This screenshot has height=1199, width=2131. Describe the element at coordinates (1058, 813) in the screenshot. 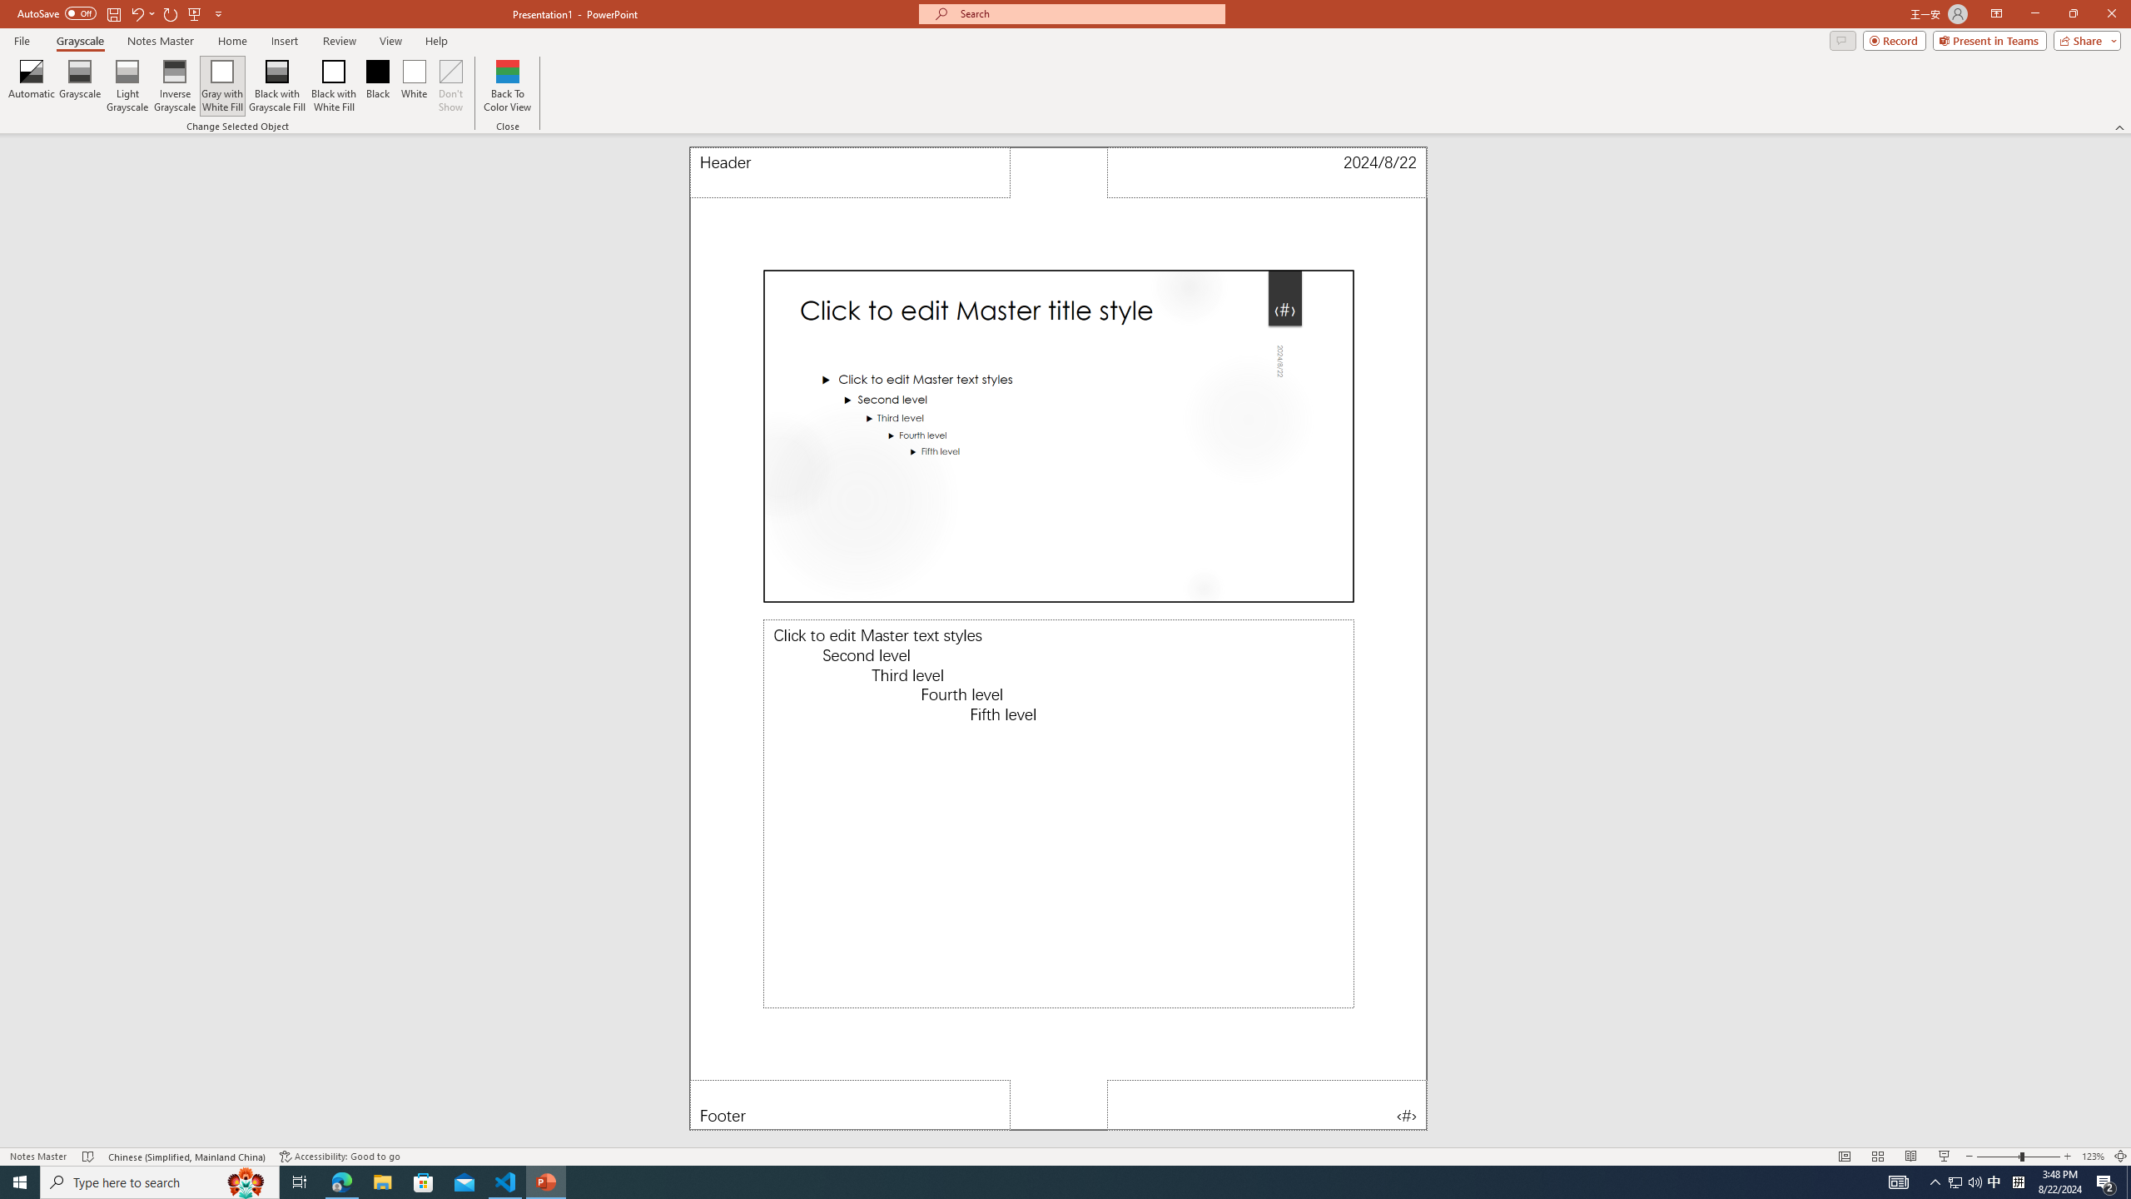

I see `'Slide Notes'` at that location.